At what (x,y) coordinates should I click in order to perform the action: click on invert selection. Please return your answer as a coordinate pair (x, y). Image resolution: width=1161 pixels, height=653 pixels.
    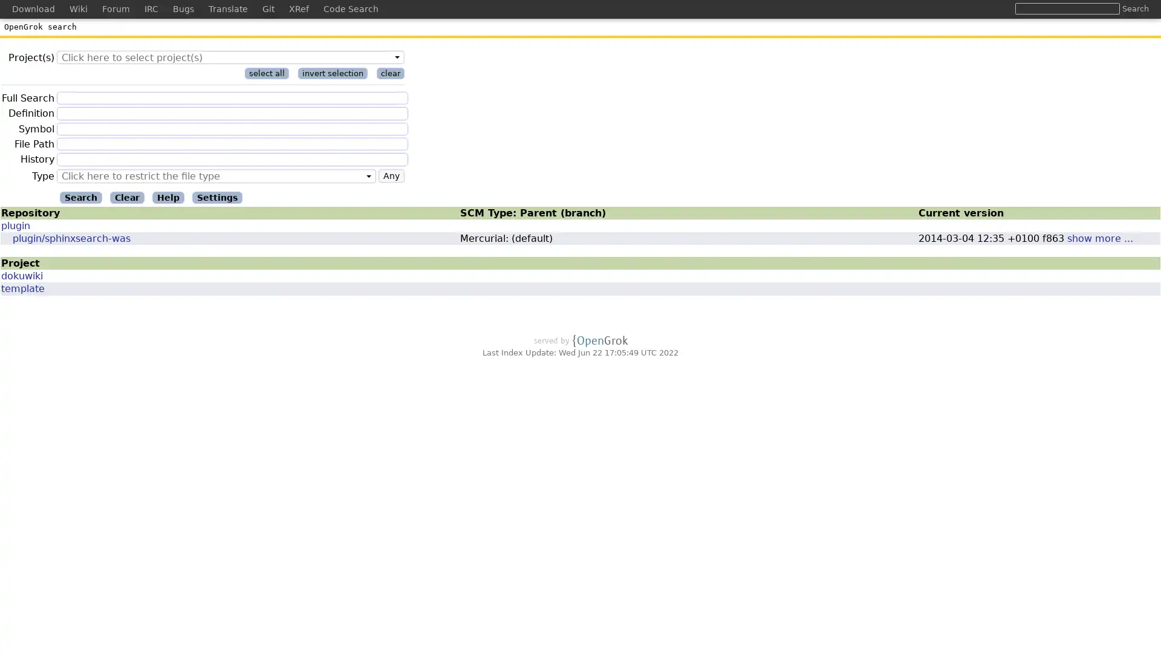
    Looking at the image, I should click on (333, 73).